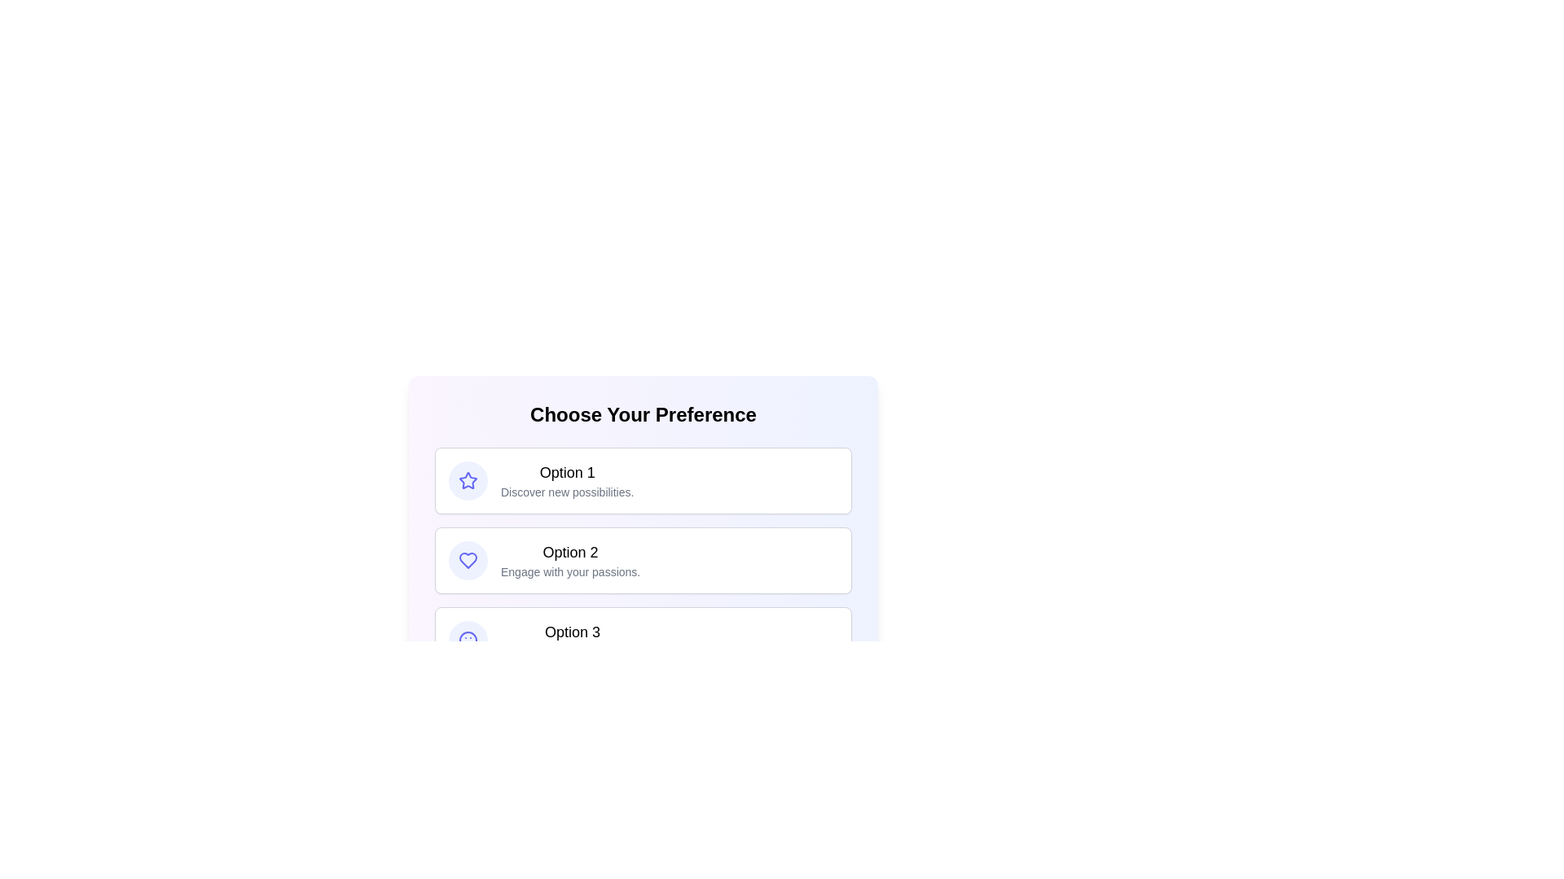 Image resolution: width=1564 pixels, height=879 pixels. What do you see at coordinates (468, 560) in the screenshot?
I see `the heart-shaped icon with a blue outline located to the left of the 'Option 2' text in the preference selection list` at bounding box center [468, 560].